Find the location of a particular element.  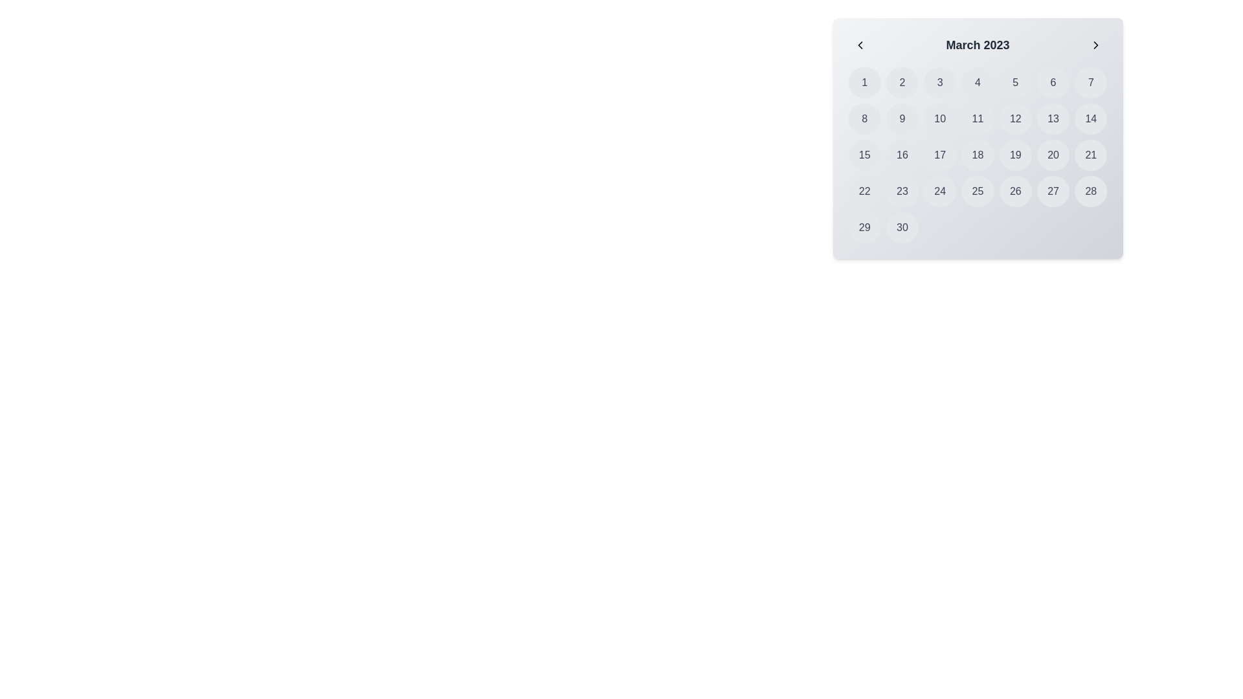

the date button representing the 17th of March 2023 in the calendar interface is located at coordinates (940, 154).